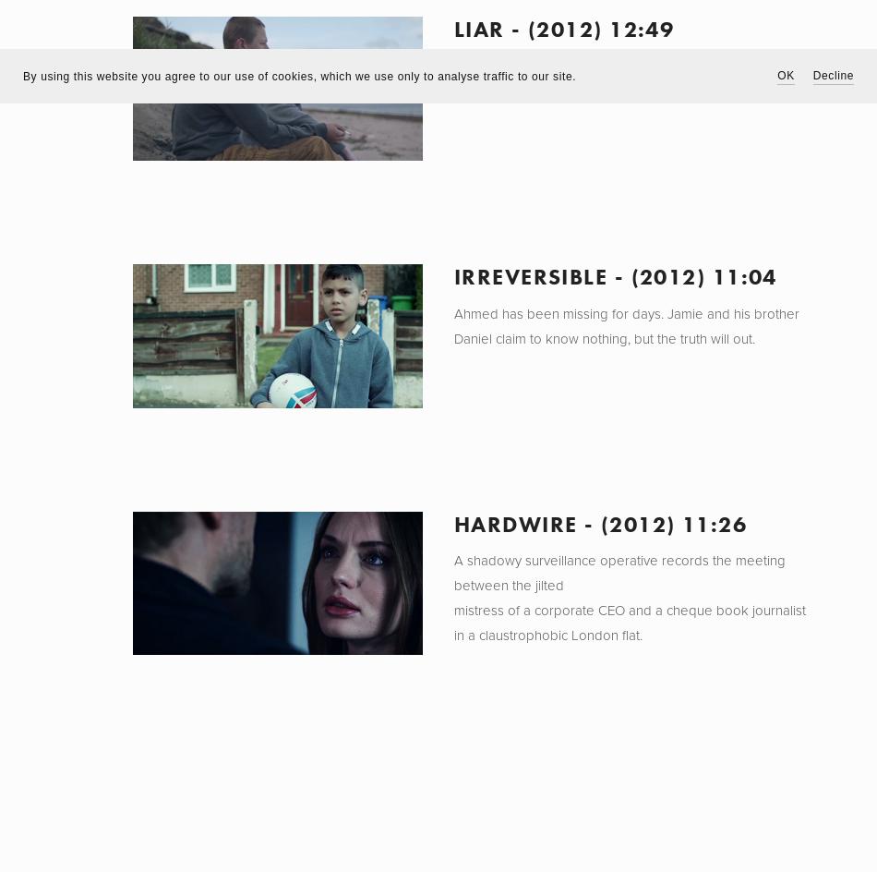  Describe the element at coordinates (626, 324) in the screenshot. I see `'Ahmed has been missing for days. Jamie and his brother Daniel claim to know nothing, but the truth will out.'` at that location.